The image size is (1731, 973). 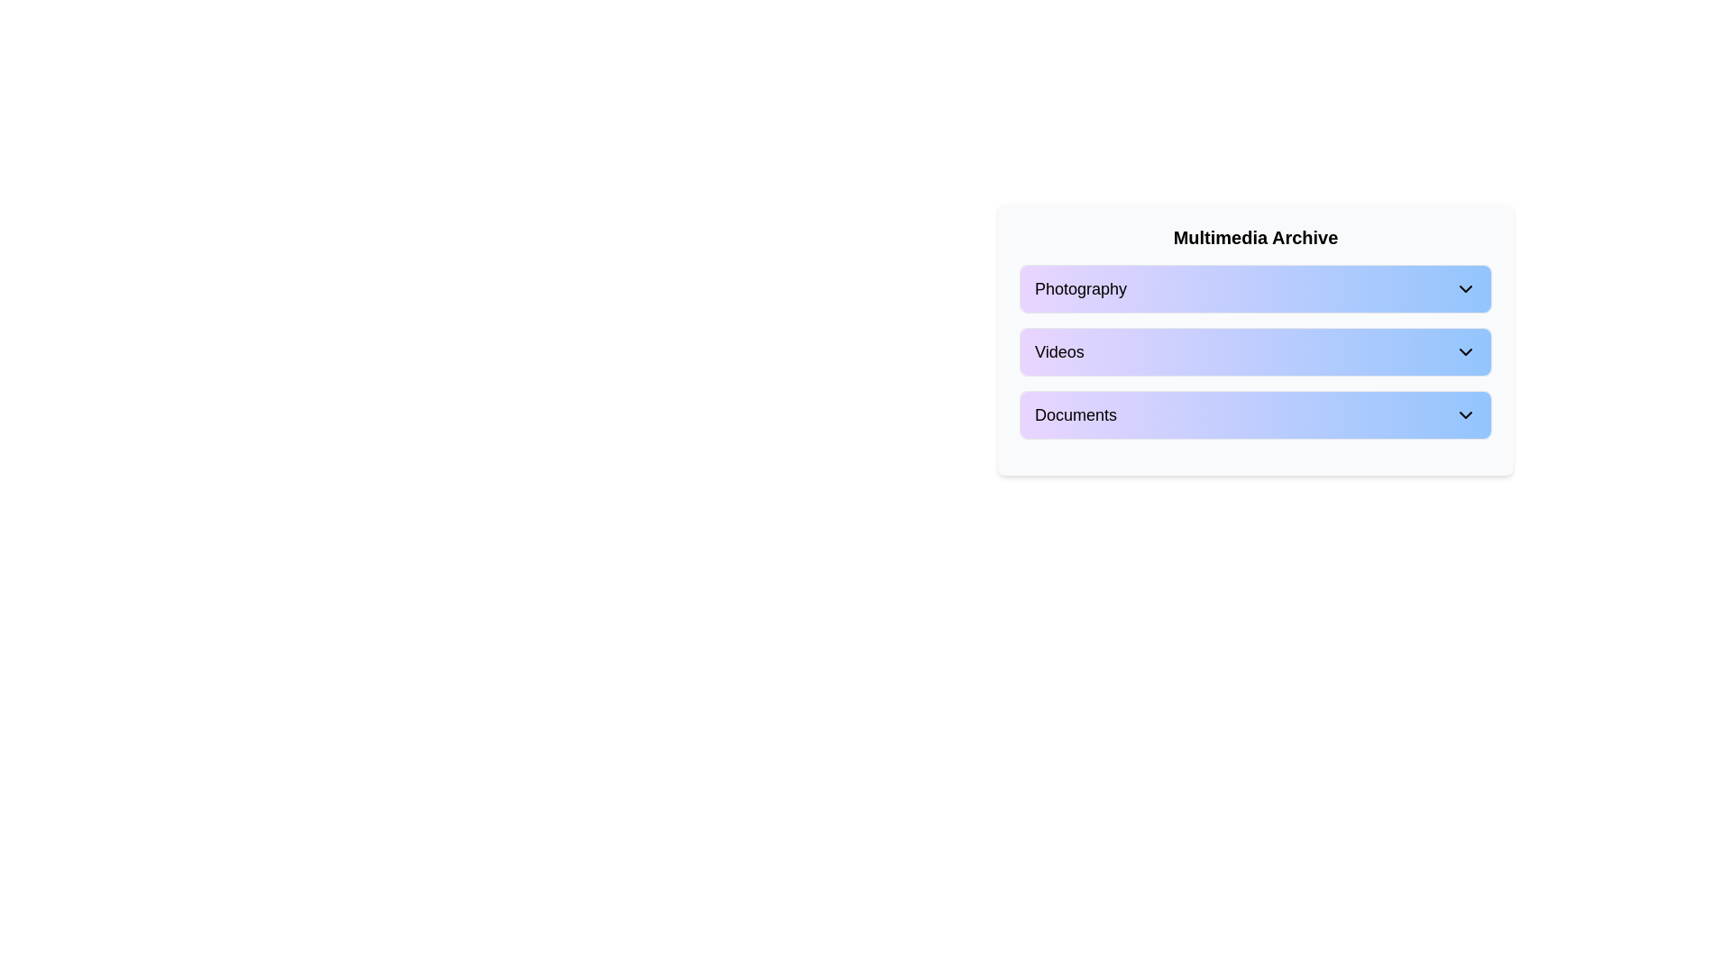 I want to click on the 'Videos' interactive button in the Multimedia Archive section, so click(x=1254, y=340).